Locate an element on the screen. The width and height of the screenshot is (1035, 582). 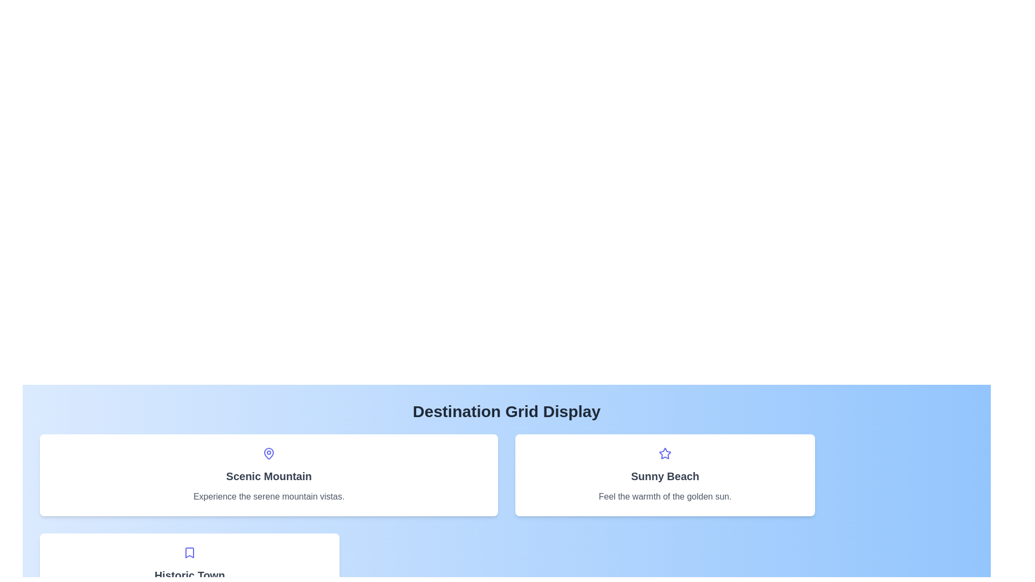
the lower section of the pin icon representing a geographic location marker within the 'Scenic Mountain' card is located at coordinates (269, 453).